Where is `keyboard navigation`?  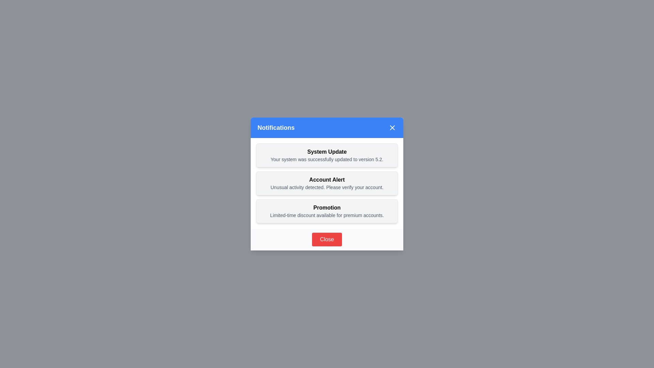
keyboard navigation is located at coordinates (327, 155).